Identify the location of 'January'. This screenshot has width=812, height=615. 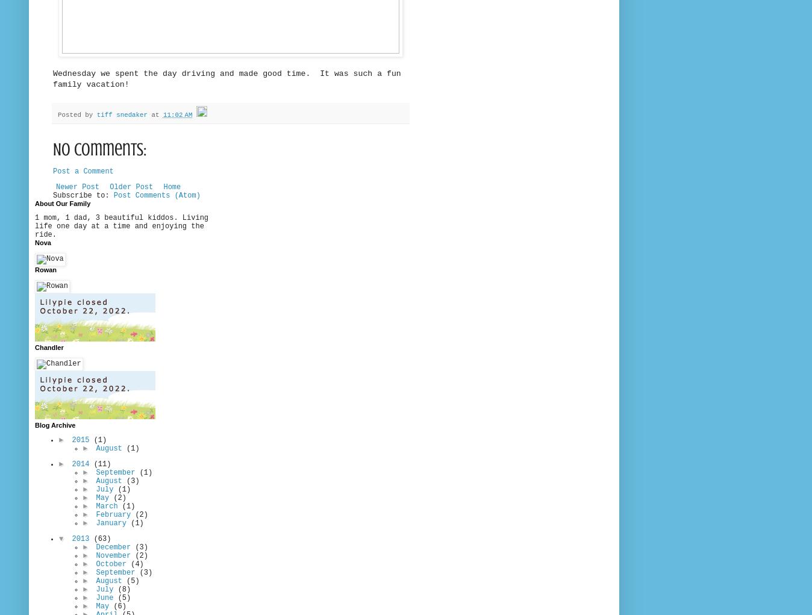
(113, 522).